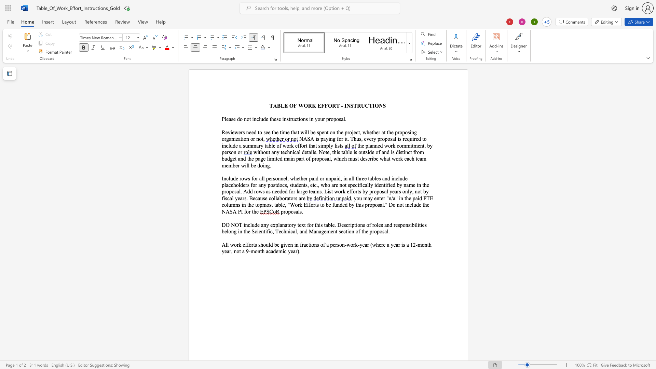  What do you see at coordinates (288, 119) in the screenshot?
I see `the space between the continuous character "s" and "t" in the text` at bounding box center [288, 119].